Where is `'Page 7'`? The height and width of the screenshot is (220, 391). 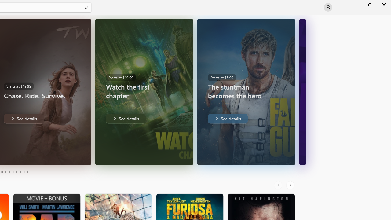
'Page 7' is located at coordinates (16, 172).